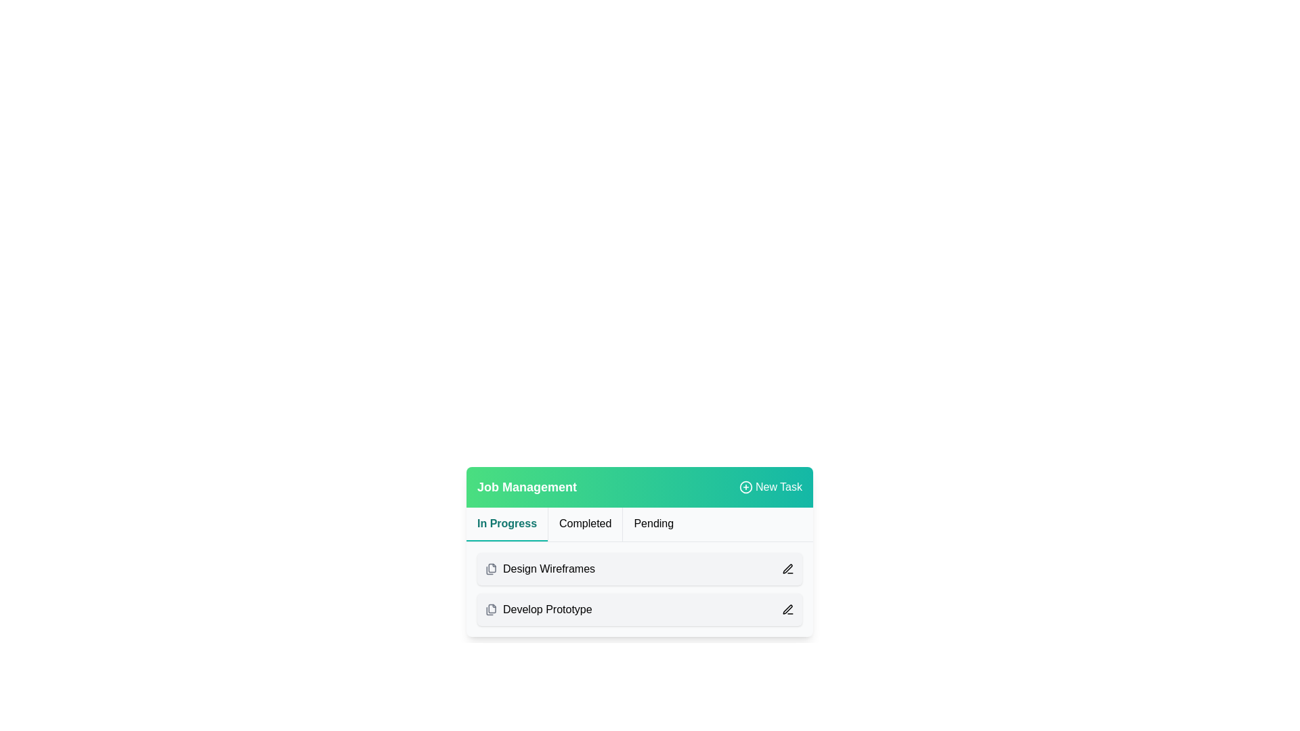 The height and width of the screenshot is (731, 1300). I want to click on the 'New Task' label displayed in white font against a green background to initiate the associated action, so click(779, 487).